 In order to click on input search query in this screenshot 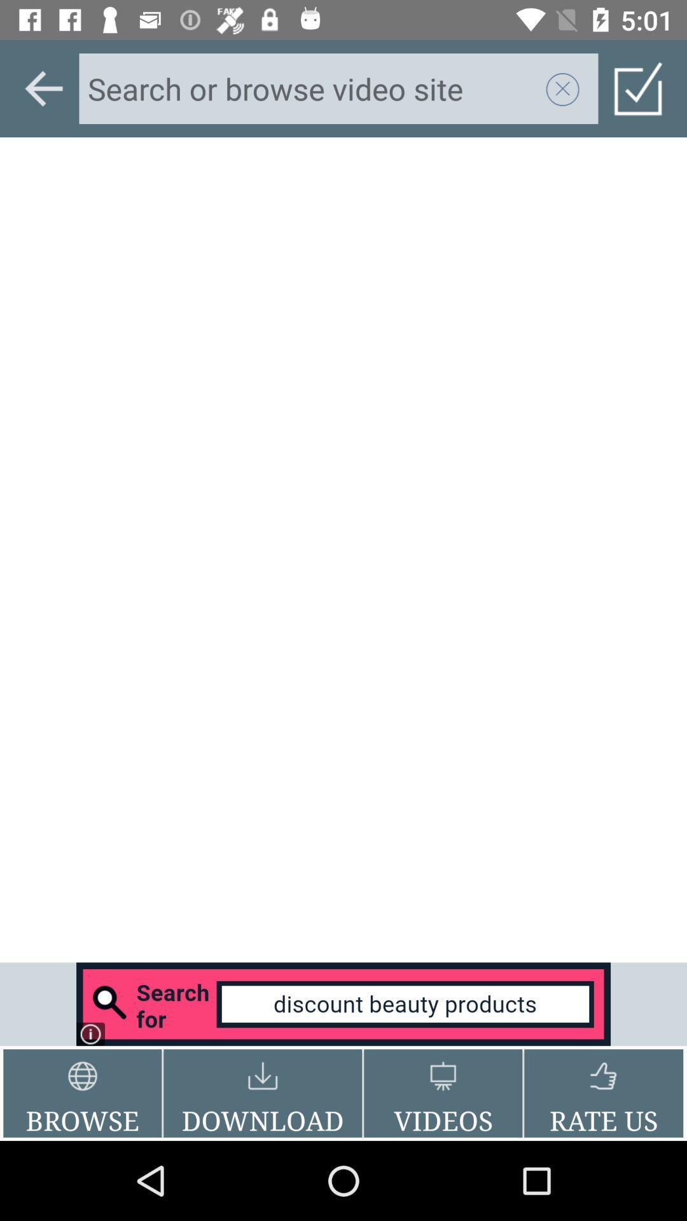, I will do `click(312, 88)`.